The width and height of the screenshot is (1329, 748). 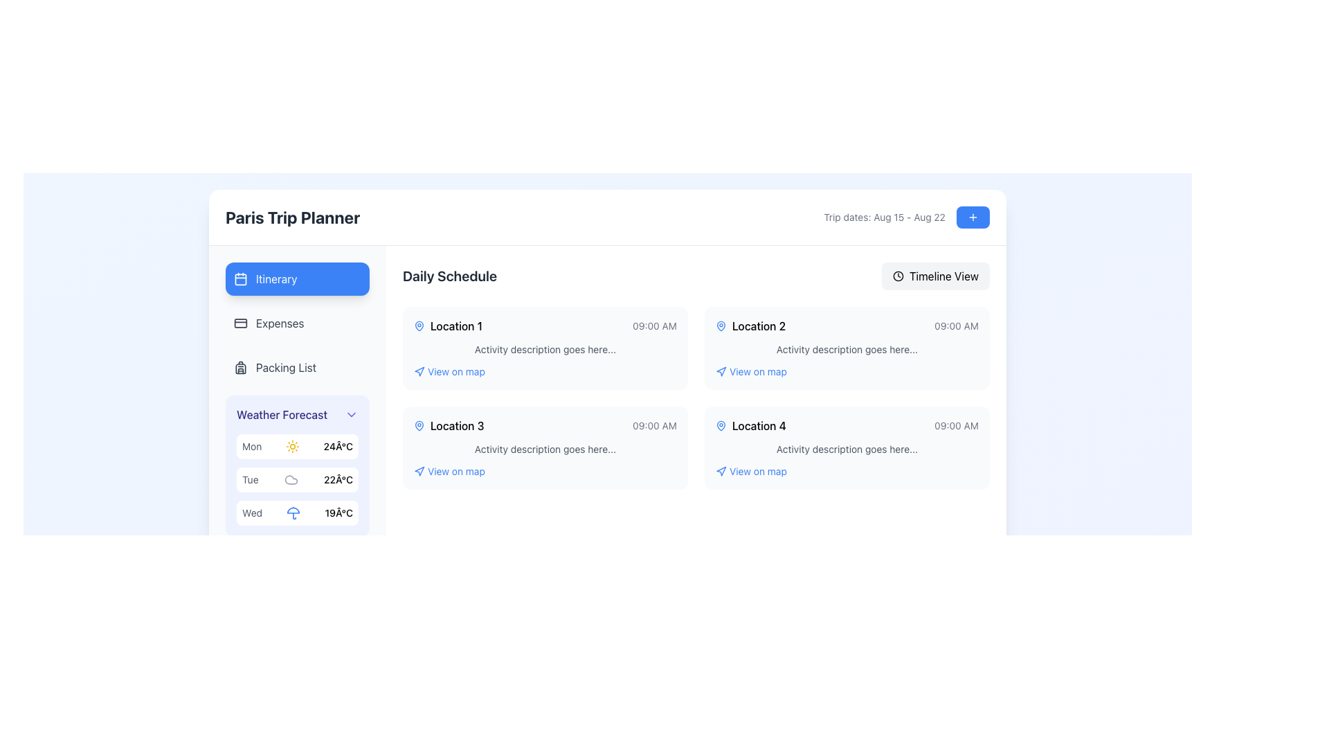 What do you see at coordinates (240, 367) in the screenshot?
I see `the gray backpack icon, which is a minimalistic SVG element located adjacent to the 'Packing List' text in the vertical navigation list` at bounding box center [240, 367].